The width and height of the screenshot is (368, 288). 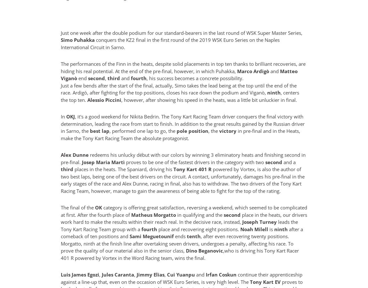 What do you see at coordinates (87, 99) in the screenshot?
I see `'Alessio Piccini'` at bounding box center [87, 99].